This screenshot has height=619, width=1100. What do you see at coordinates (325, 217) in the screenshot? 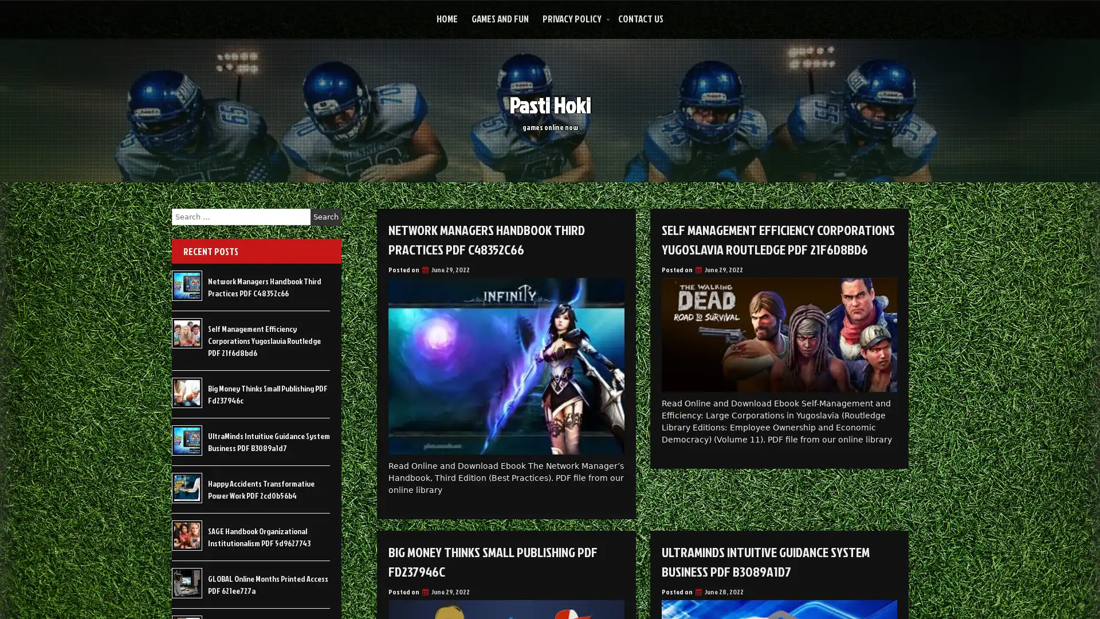
I see `Search` at bounding box center [325, 217].